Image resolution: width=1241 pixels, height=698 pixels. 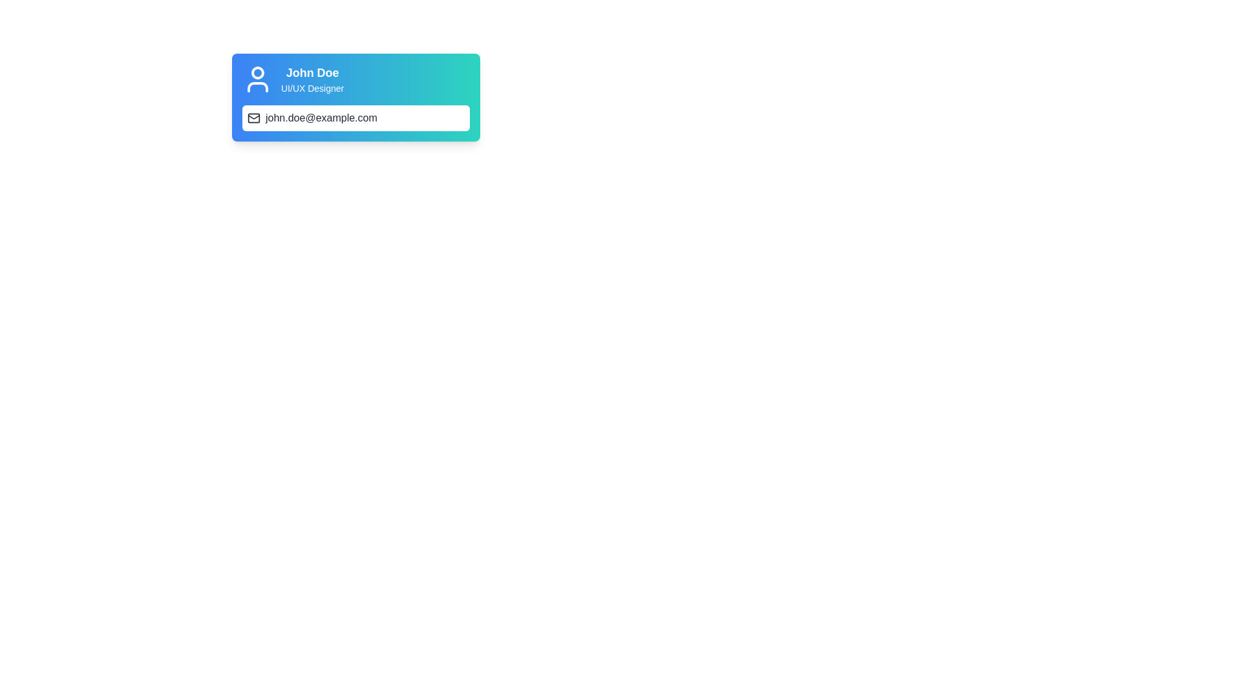 I want to click on text label indicating the role or position of 'John Doe' located below the name in the top section of the interface, so click(x=312, y=88).